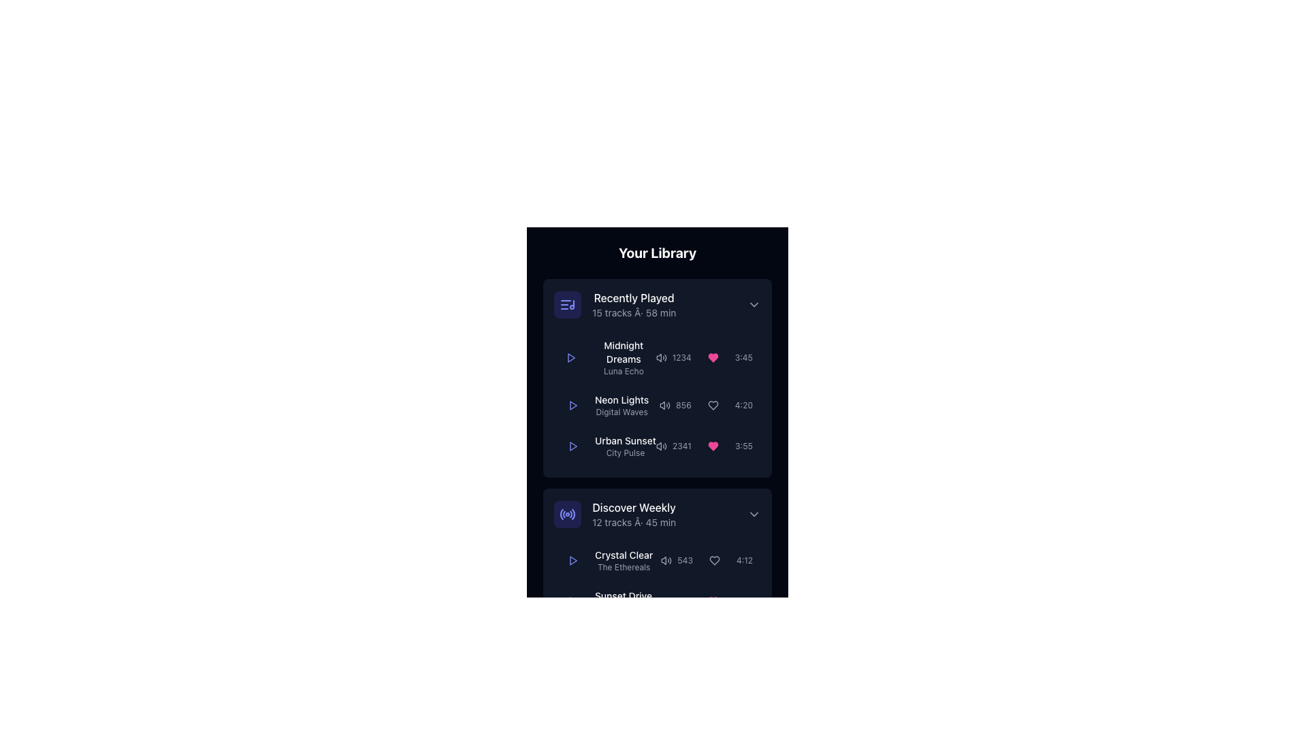 The image size is (1307, 735). What do you see at coordinates (666, 561) in the screenshot?
I see `the sound icon next to the song title 'Crystal Clear' in the 'Discover Weekly' playlist` at bounding box center [666, 561].